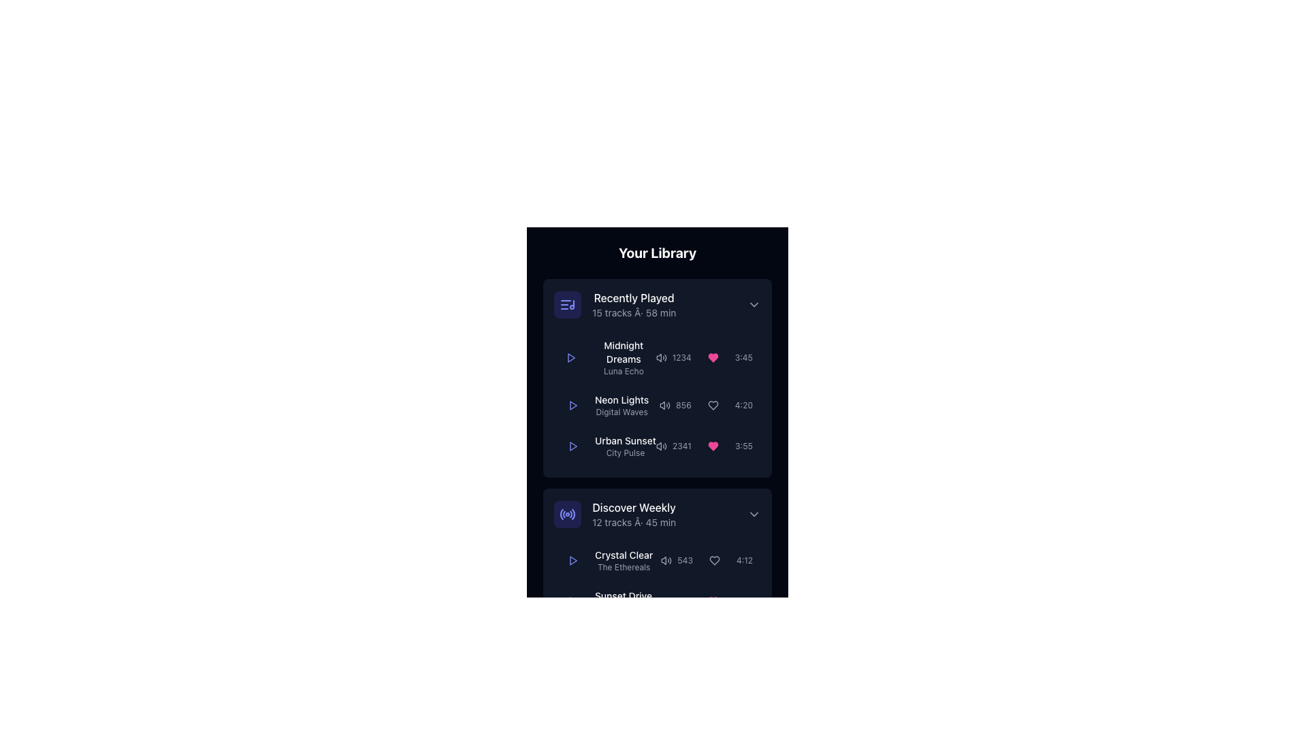 The image size is (1307, 735). What do you see at coordinates (666, 561) in the screenshot?
I see `the sound icon next to the song title 'Crystal Clear' in the 'Discover Weekly' playlist` at bounding box center [666, 561].